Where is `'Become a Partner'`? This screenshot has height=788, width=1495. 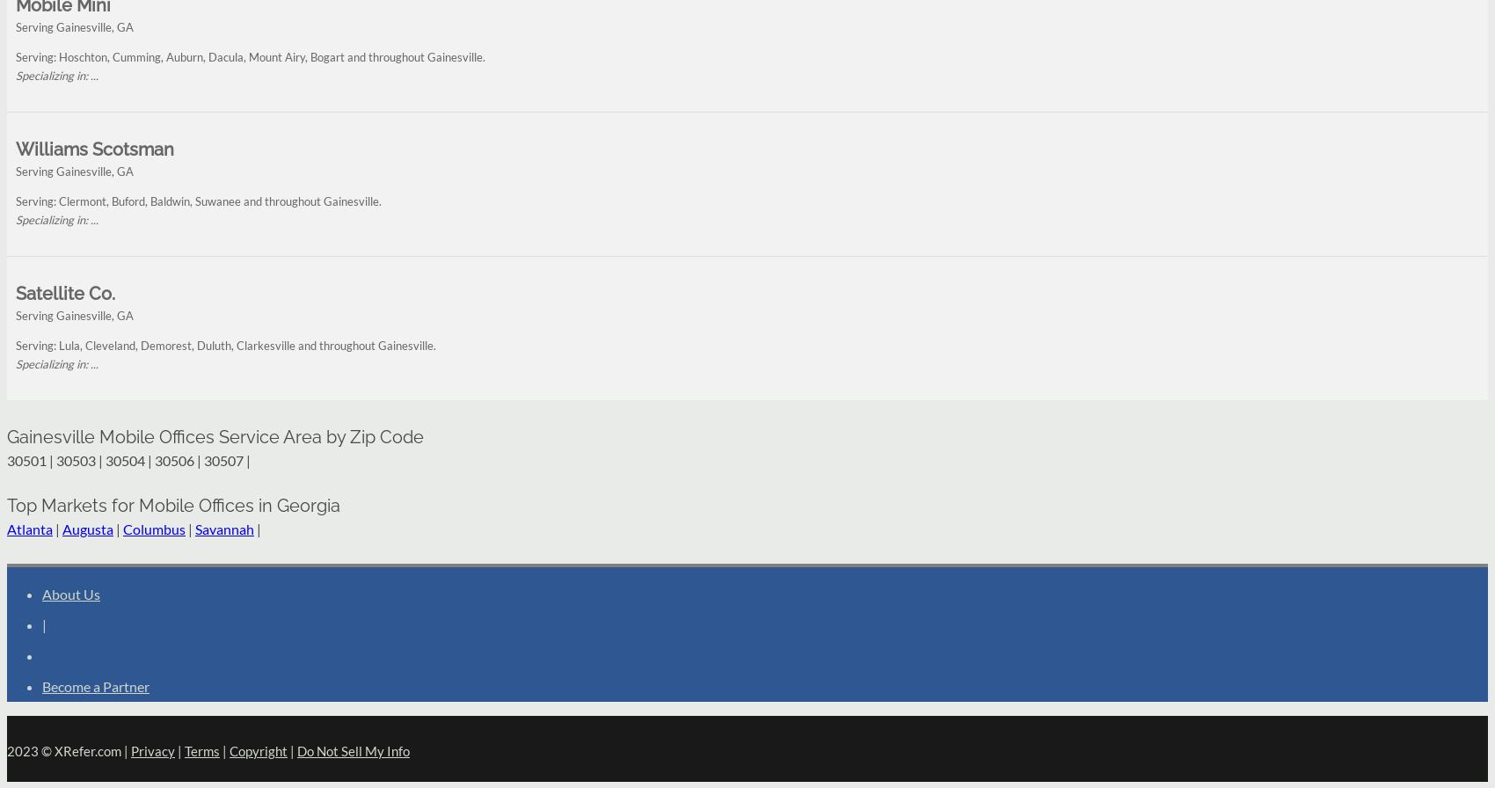
'Become a Partner' is located at coordinates (94, 685).